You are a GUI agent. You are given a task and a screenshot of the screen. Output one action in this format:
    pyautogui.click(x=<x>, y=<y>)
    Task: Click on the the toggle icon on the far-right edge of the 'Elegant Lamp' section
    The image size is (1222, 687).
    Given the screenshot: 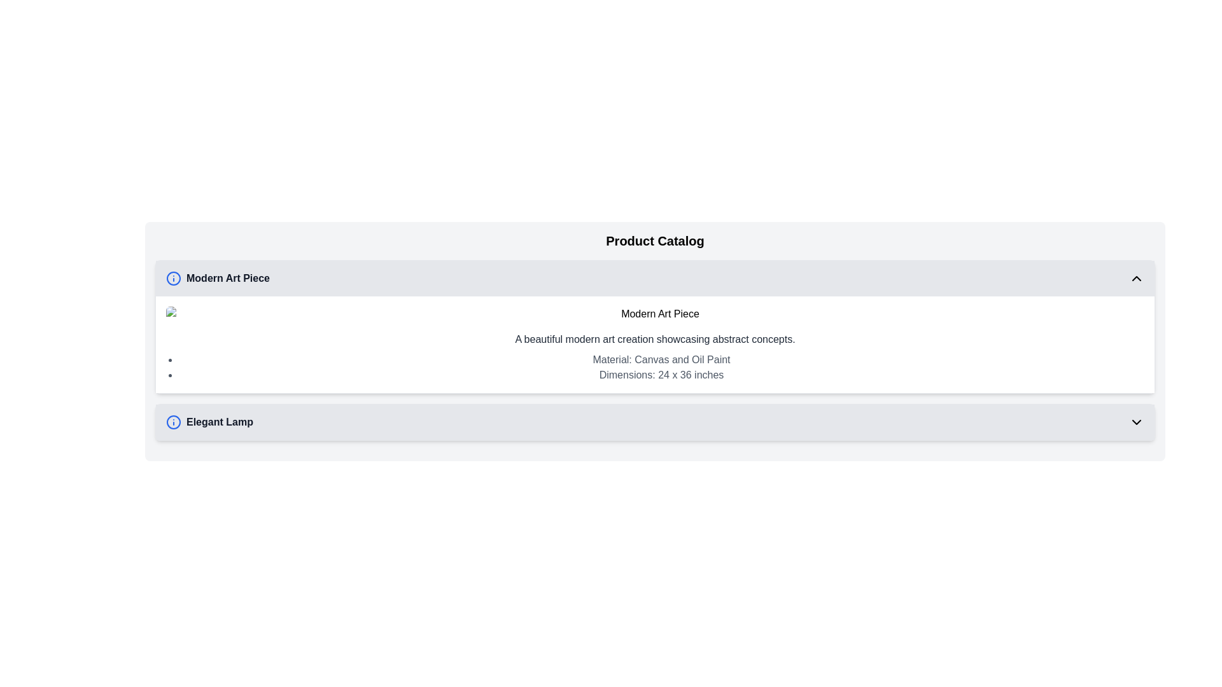 What is the action you would take?
    pyautogui.click(x=1136, y=422)
    